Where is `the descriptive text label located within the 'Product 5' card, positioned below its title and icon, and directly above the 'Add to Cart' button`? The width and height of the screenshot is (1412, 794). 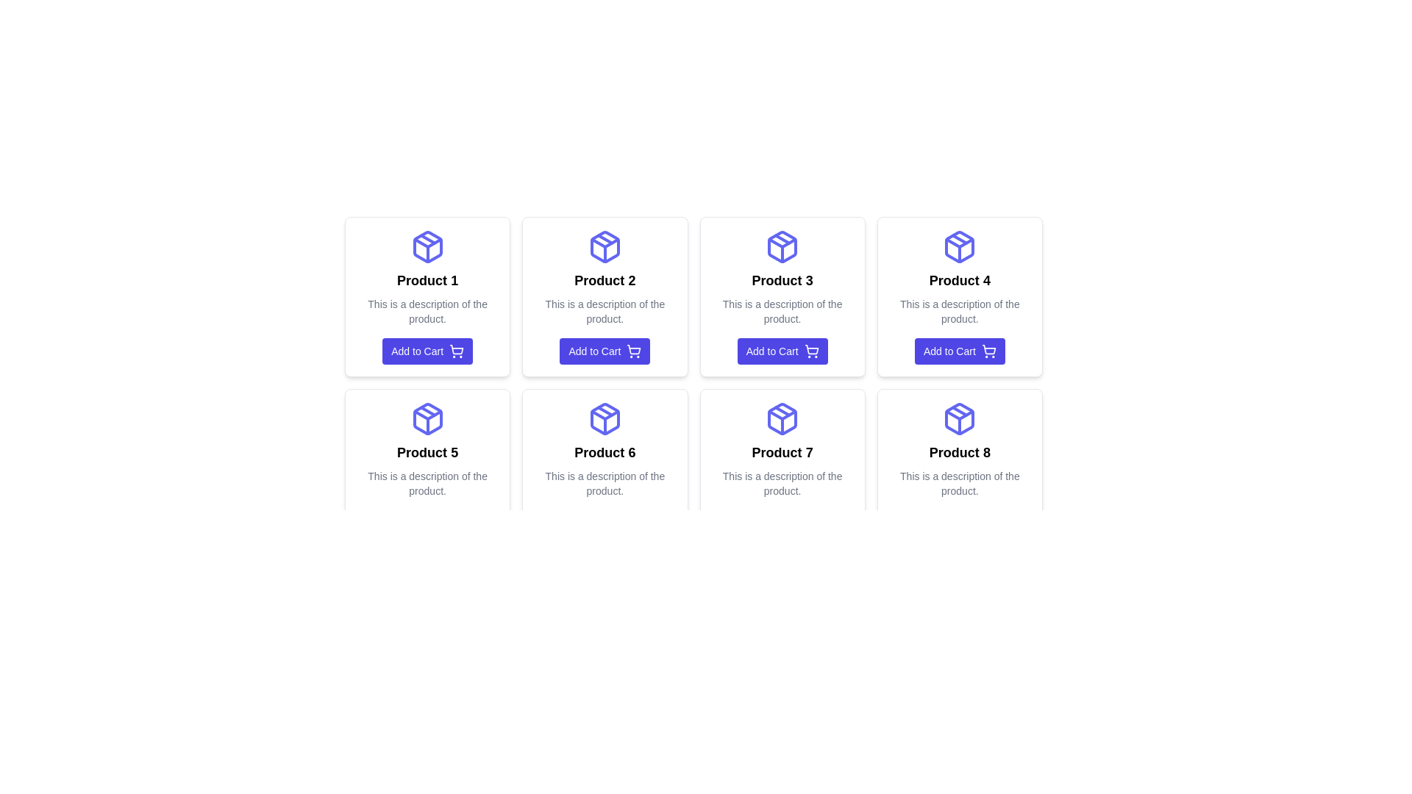
the descriptive text label located within the 'Product 5' card, positioned below its title and icon, and directly above the 'Add to Cart' button is located at coordinates (427, 484).